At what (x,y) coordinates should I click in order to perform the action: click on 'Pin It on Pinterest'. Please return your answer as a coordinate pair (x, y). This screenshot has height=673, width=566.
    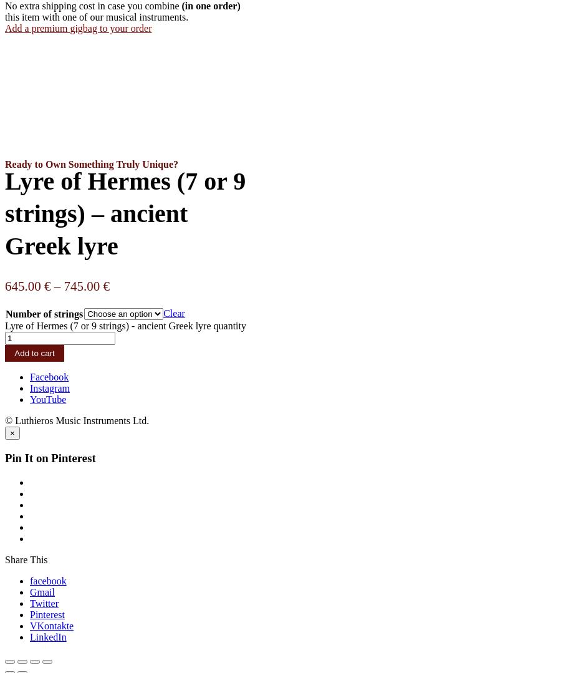
    Looking at the image, I should click on (49, 457).